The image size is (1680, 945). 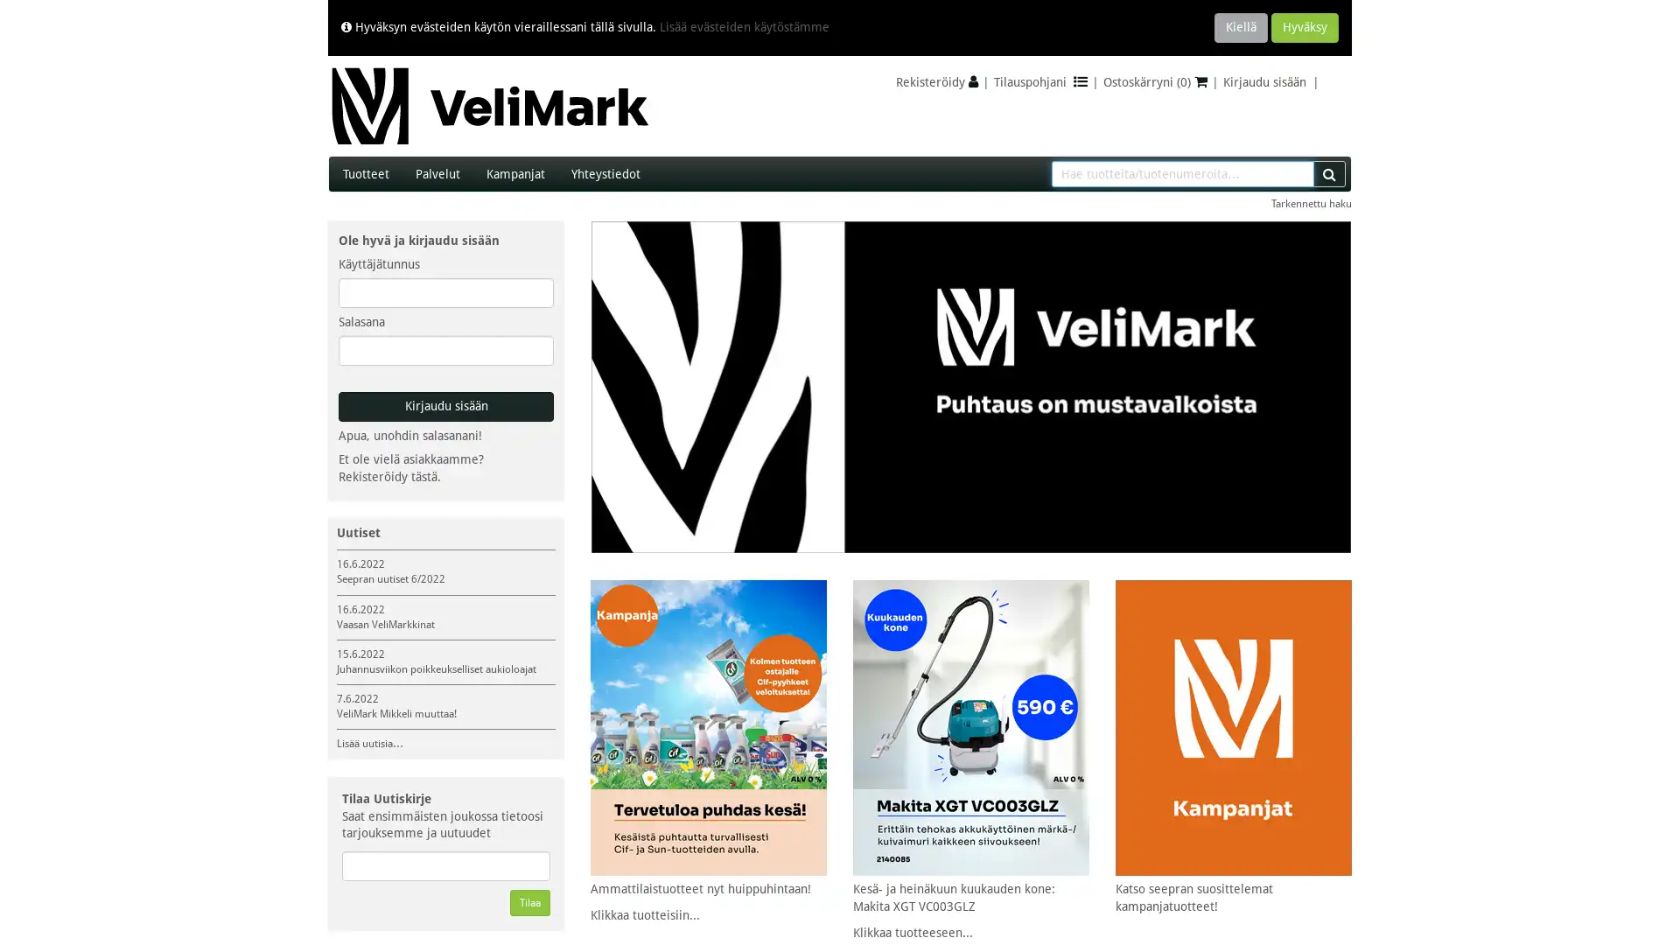 I want to click on Hyvaksy, so click(x=1305, y=27).